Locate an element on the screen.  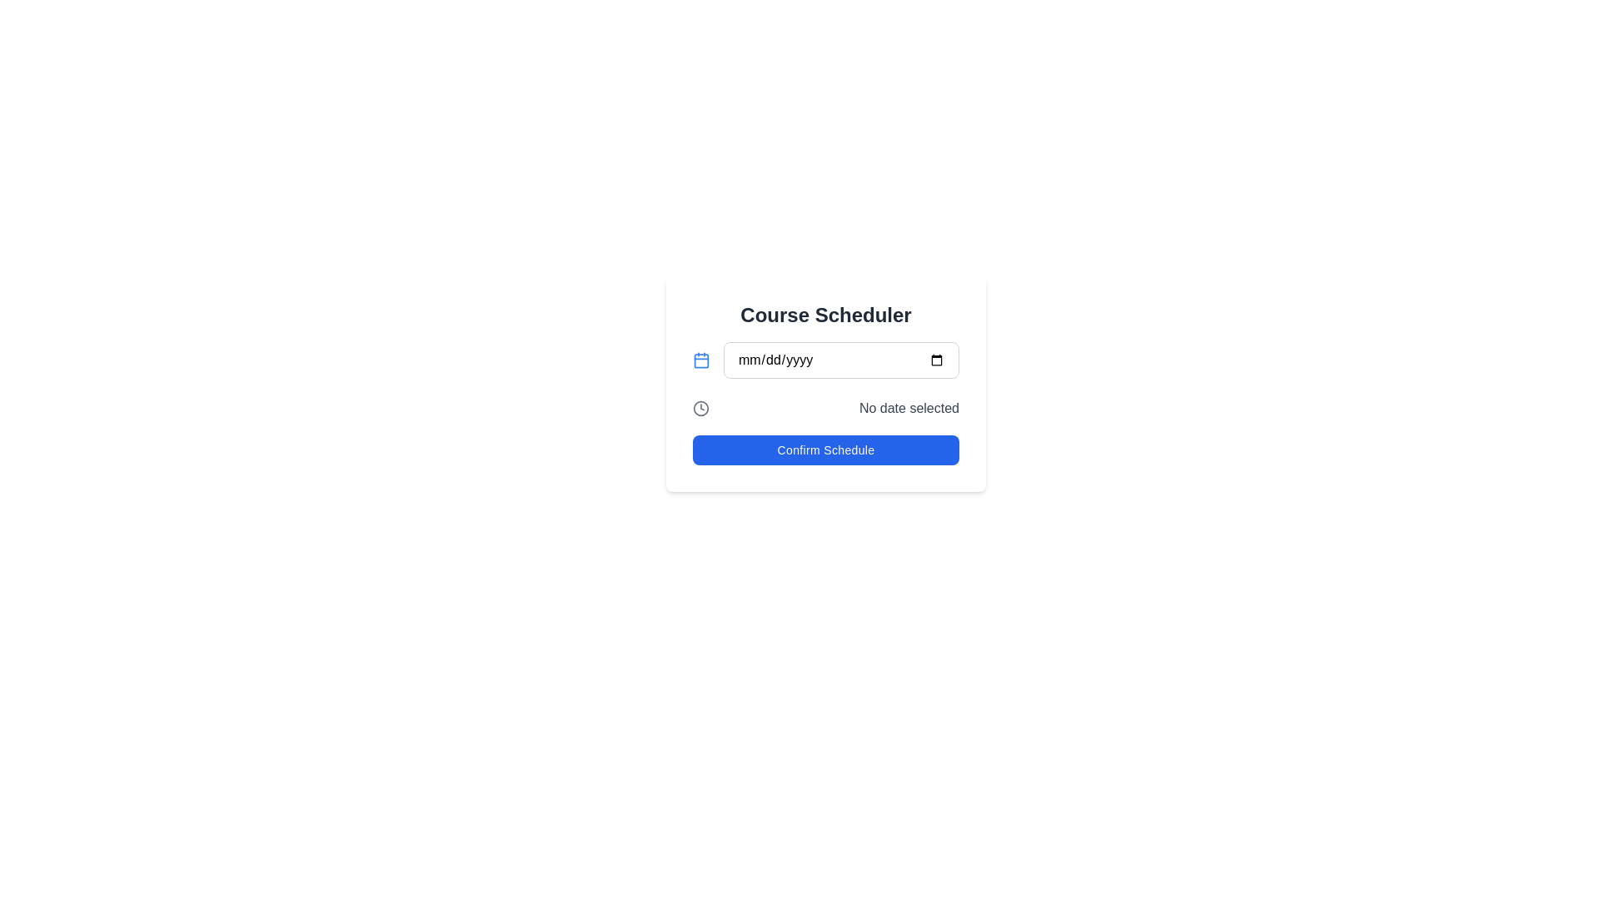
the rectangular 'Confirm Schedule' button with a blue background and white text located at the bottom of the 'Course Scheduler' section to confirm the schedule is located at coordinates (826, 449).